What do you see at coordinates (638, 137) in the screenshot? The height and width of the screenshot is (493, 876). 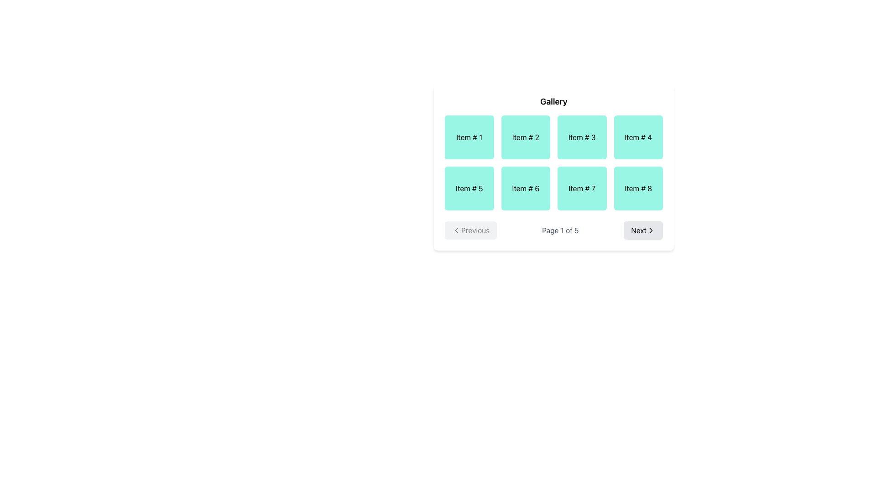 I see `the static label tile labeled 'Item # 4'` at bounding box center [638, 137].